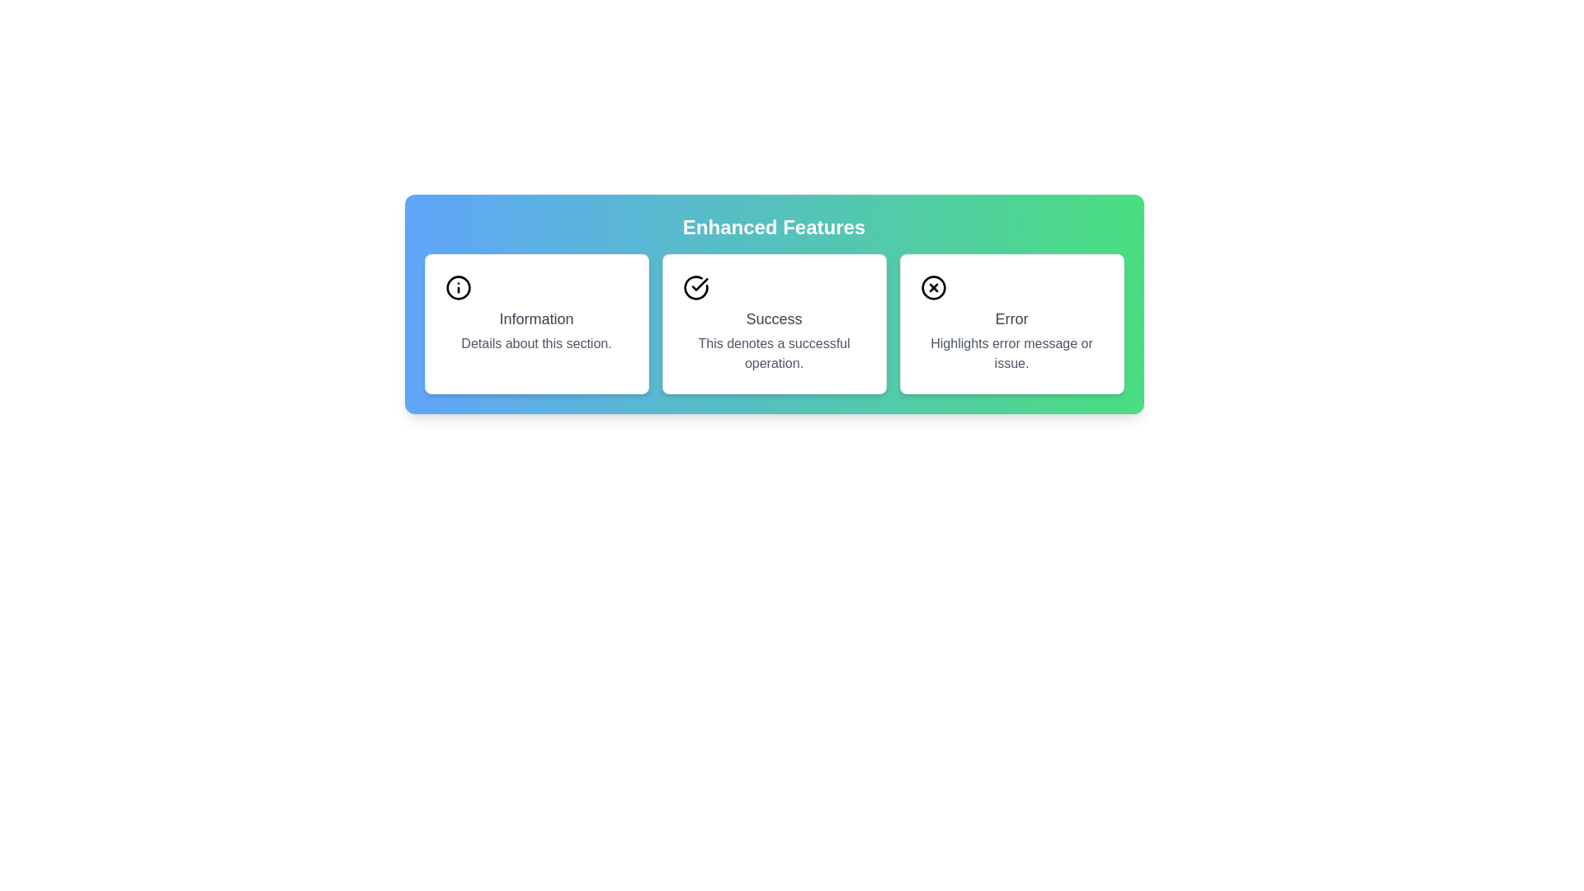 This screenshot has height=891, width=1584. Describe the element at coordinates (1011, 324) in the screenshot. I see `the error indication card icon, which is a black circle with an 'X' located at the top-left corner of the white-bordered rectangular card` at that location.